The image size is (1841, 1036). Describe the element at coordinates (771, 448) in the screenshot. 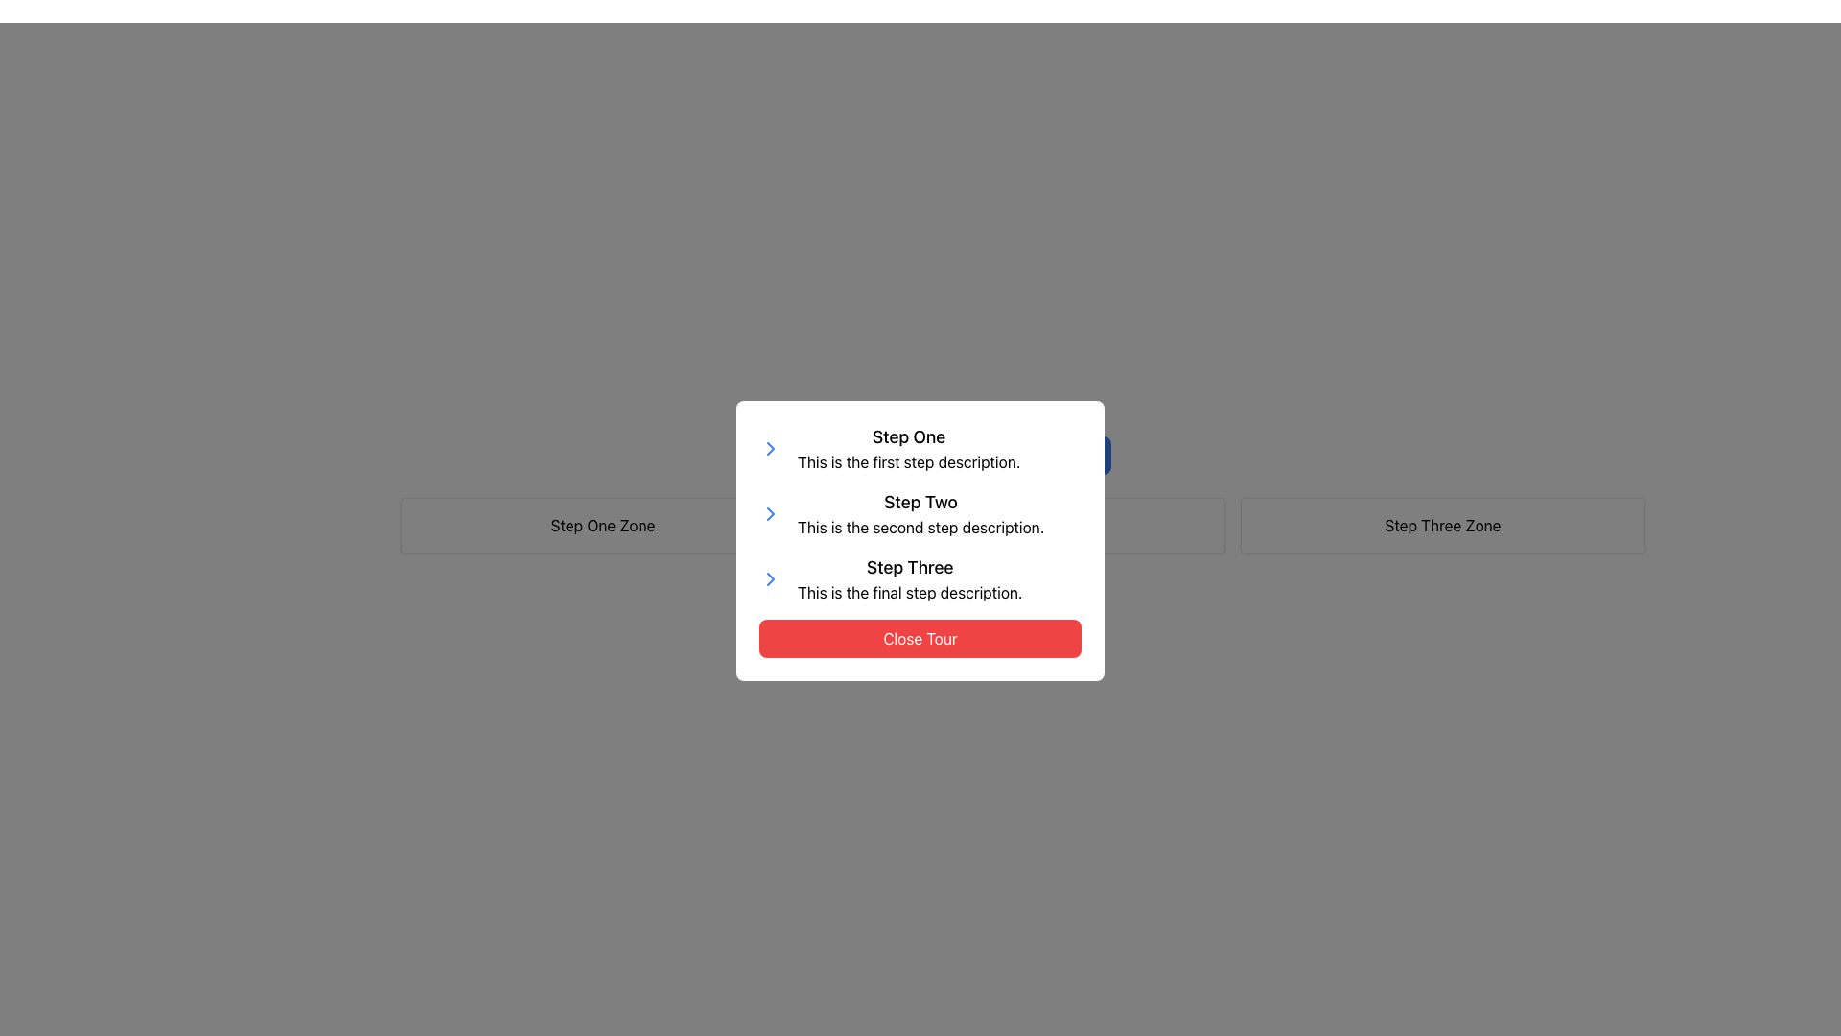

I see `the icon that indicates the active step in the multi-step interface, positioned in the top-left corner directly left of the 'Step One' title` at that location.